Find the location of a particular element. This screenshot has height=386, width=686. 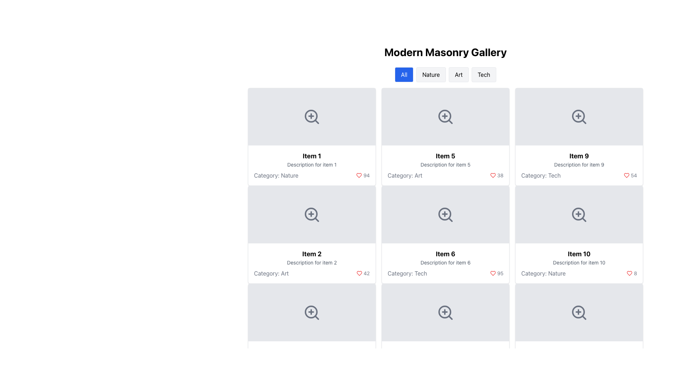

the heart icon representing the 'like' action located within the card labeled 'Item 5', positioned to the right of the text '38' is located at coordinates (492, 175).